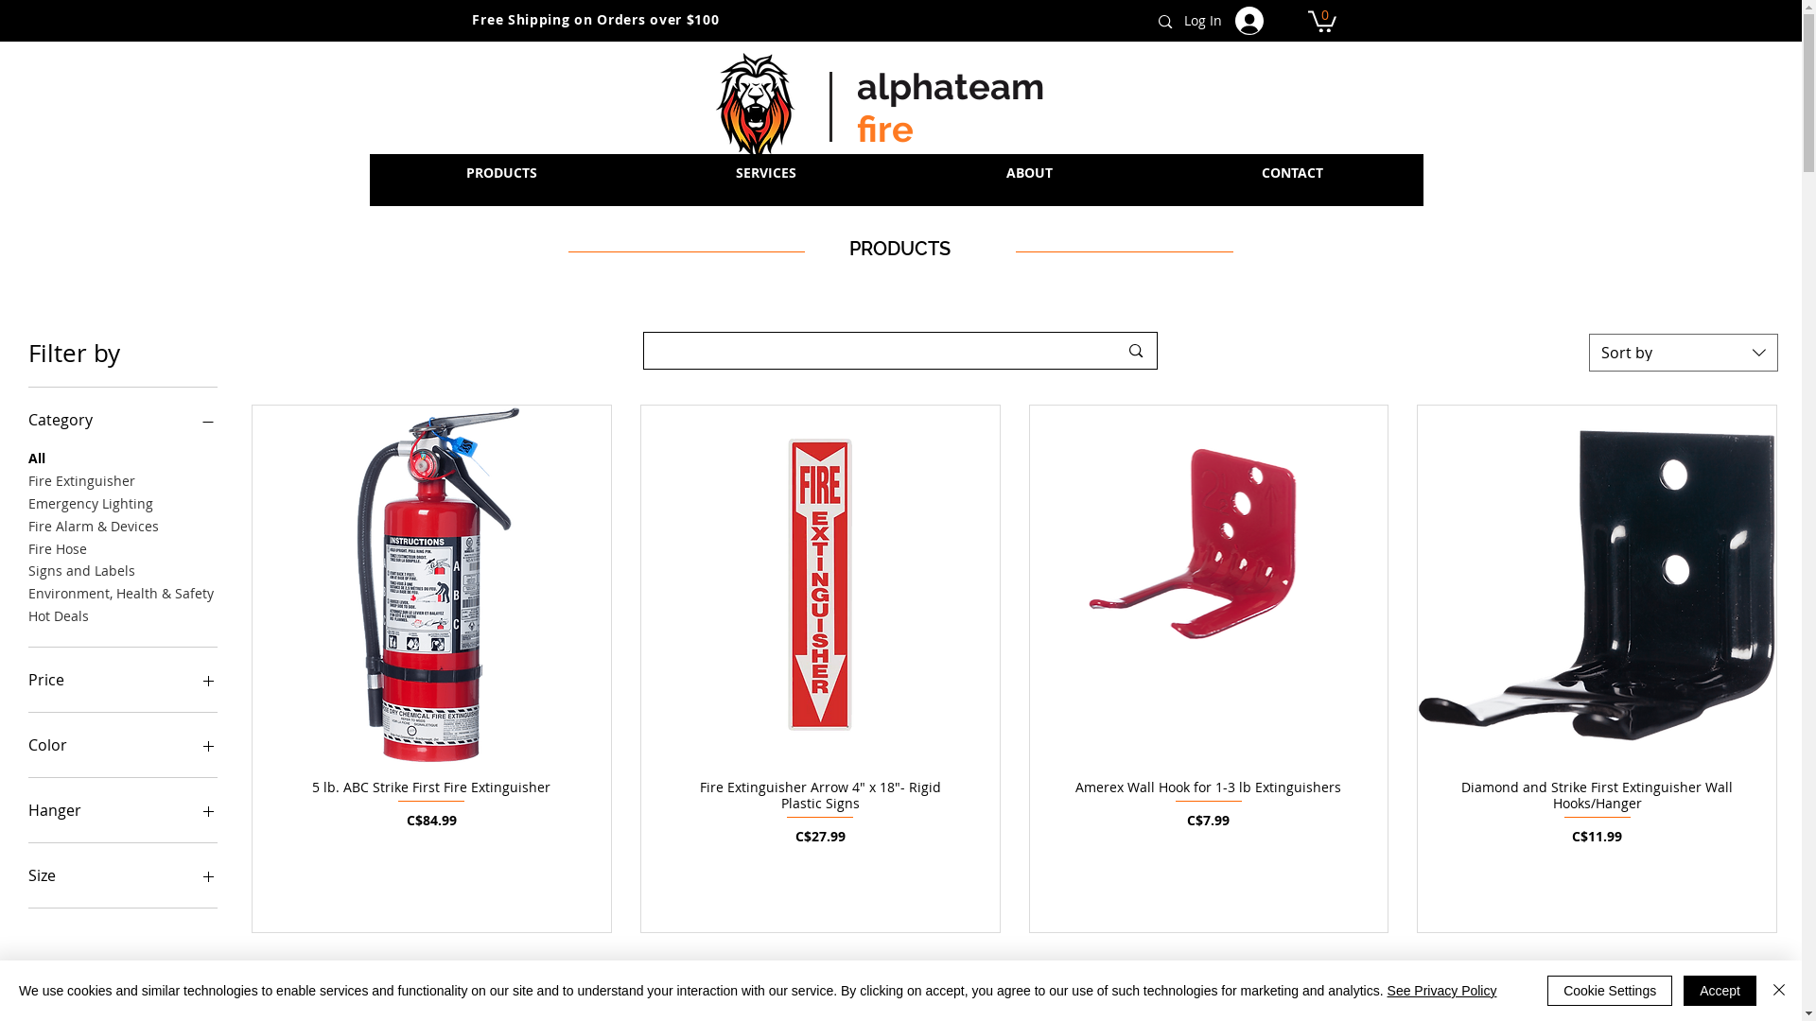  Describe the element at coordinates (500, 172) in the screenshot. I see `'PRODUCTS'` at that location.